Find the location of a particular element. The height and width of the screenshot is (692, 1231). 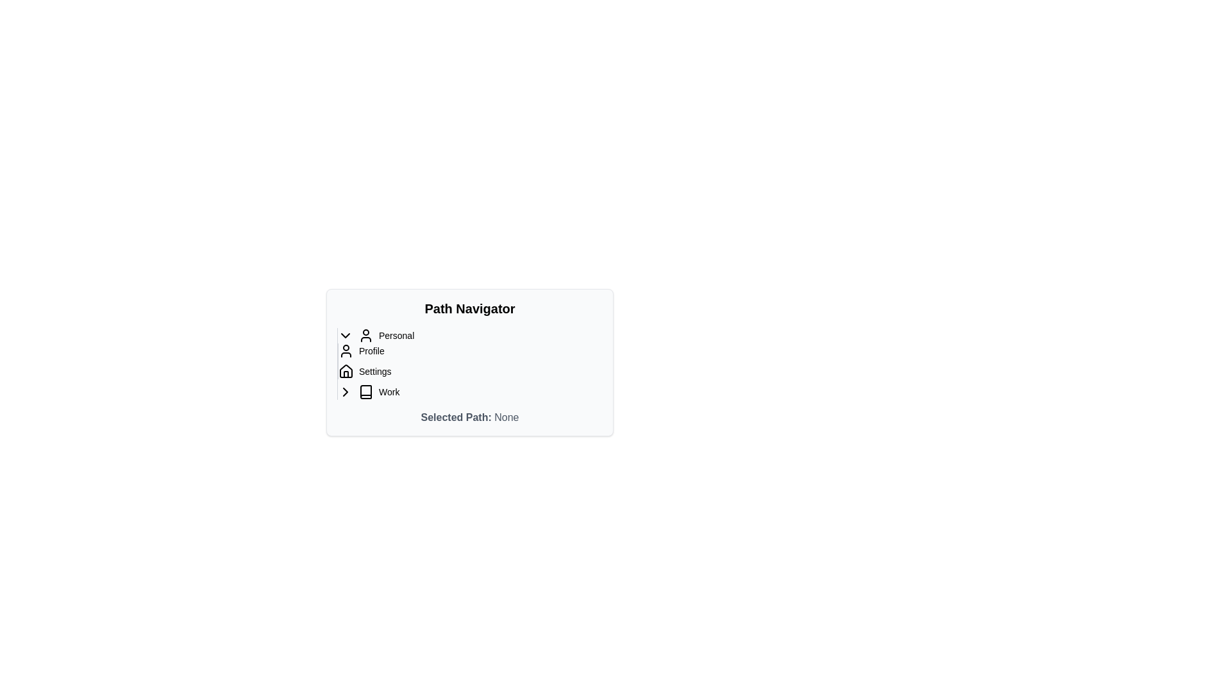

the Icon button (chevron) that serves as a dropdown toggle for revealing or hiding additional options is located at coordinates (345, 335).